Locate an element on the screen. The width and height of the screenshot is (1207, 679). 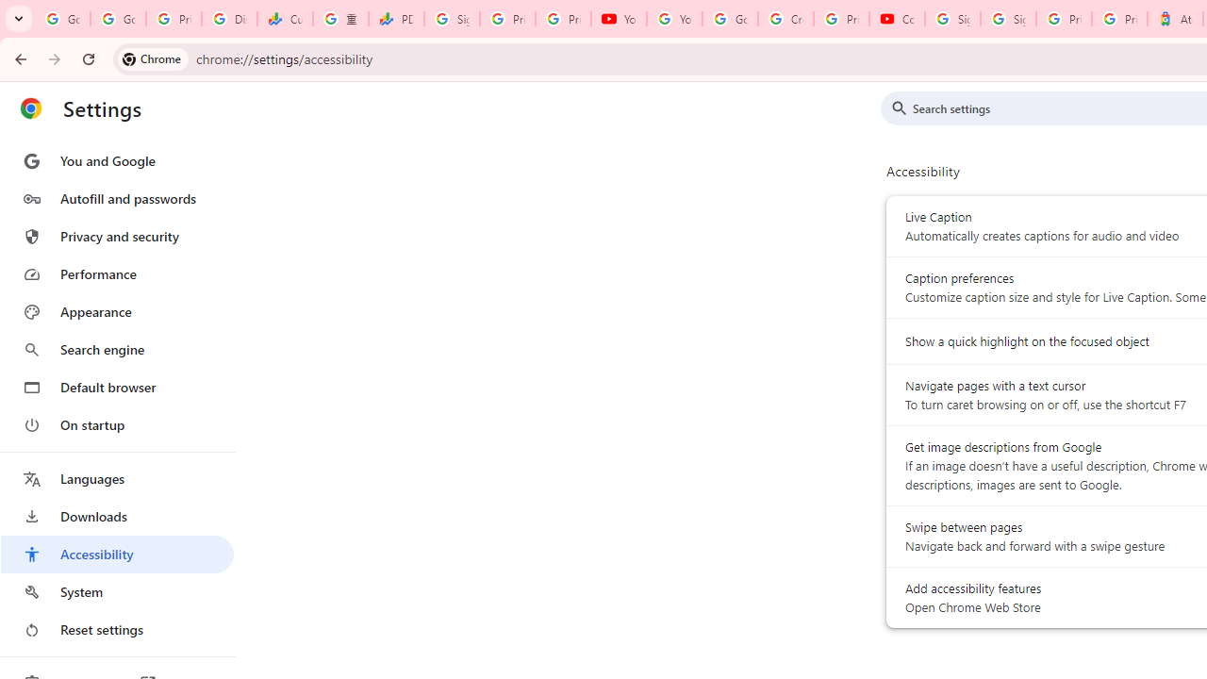
'Currencies - Google Finance' is located at coordinates (284, 19).